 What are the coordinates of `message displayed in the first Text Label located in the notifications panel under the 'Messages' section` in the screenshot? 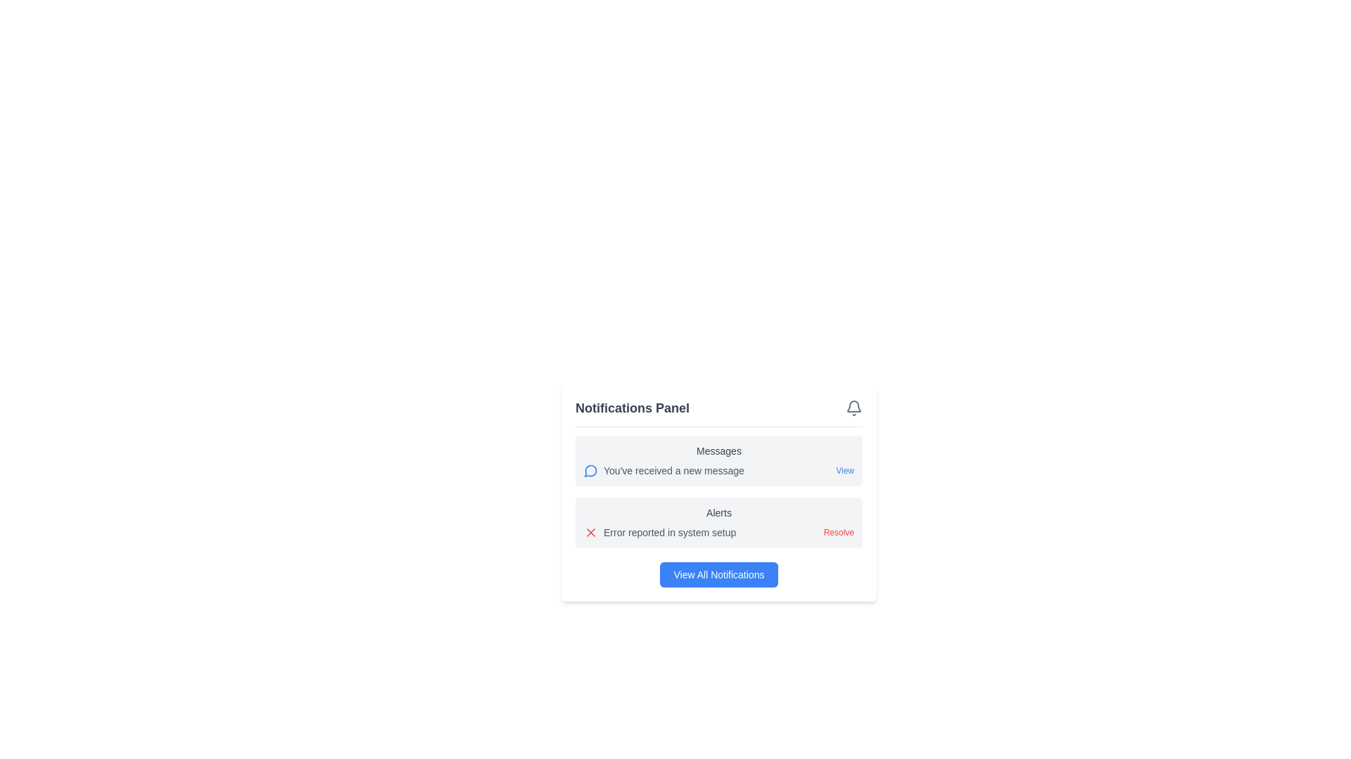 It's located at (663, 471).